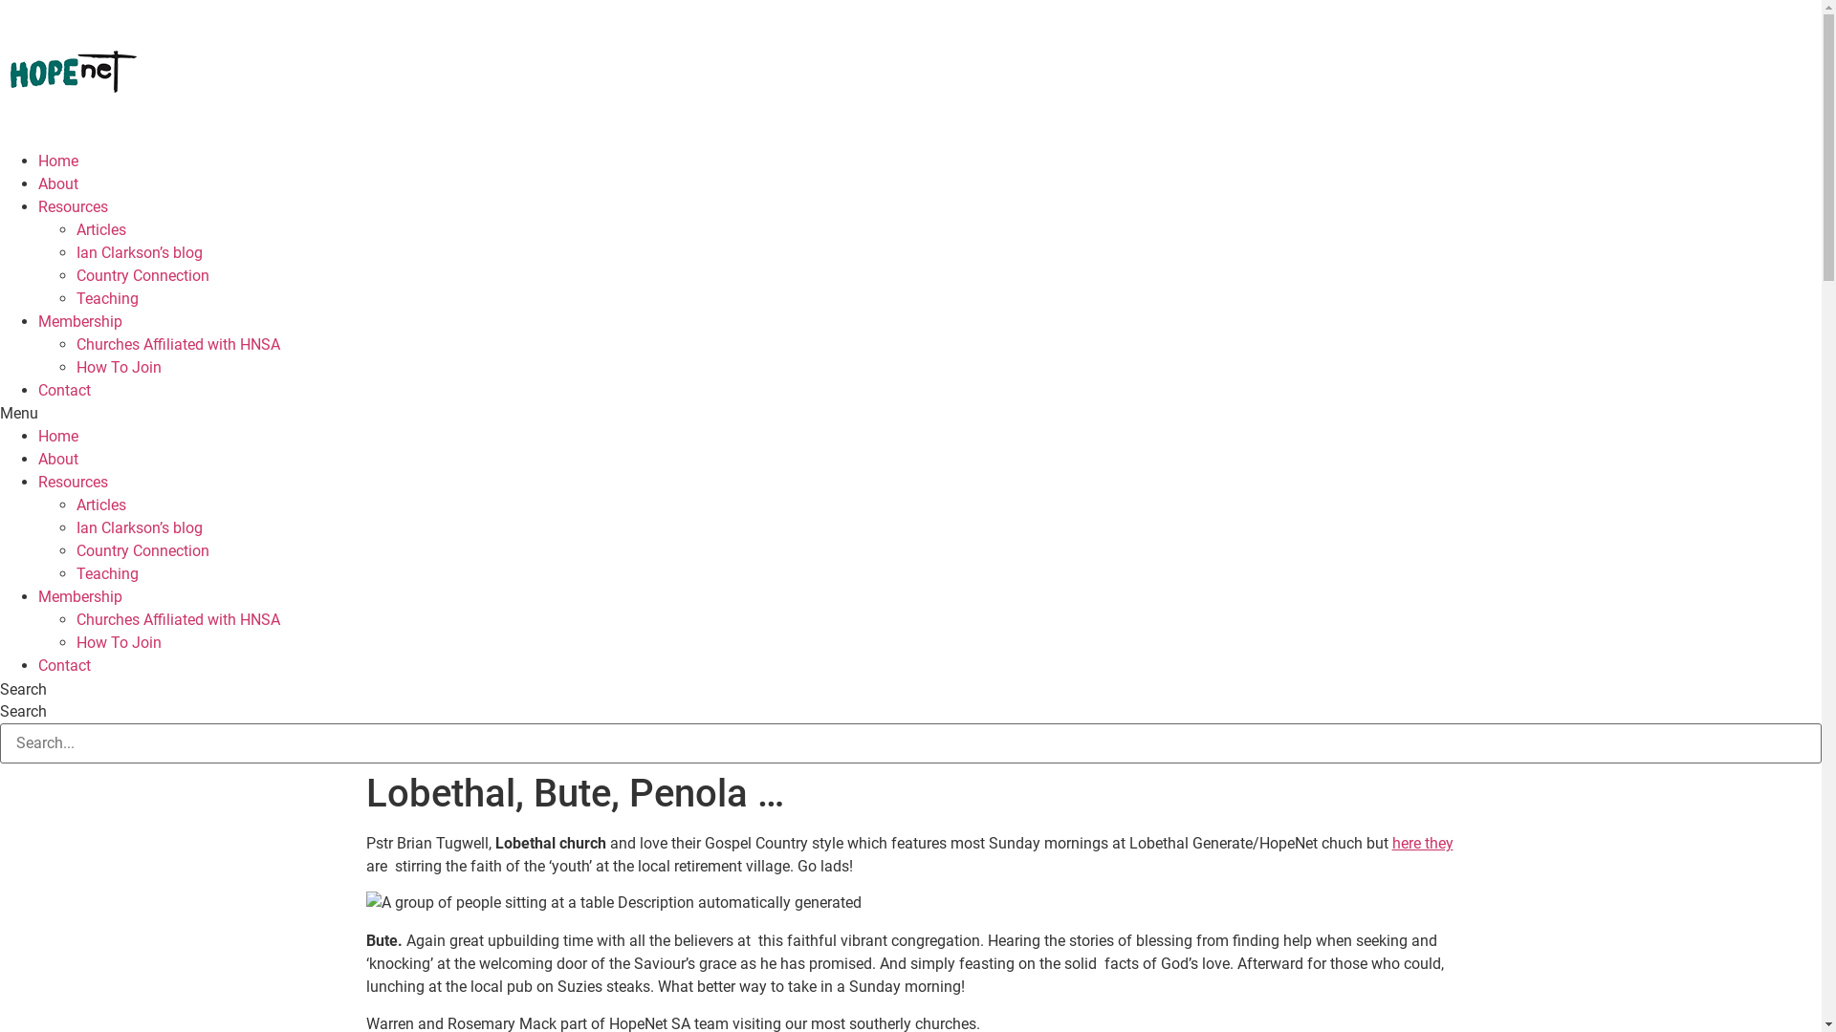  I want to click on 'Teaching', so click(76, 572).